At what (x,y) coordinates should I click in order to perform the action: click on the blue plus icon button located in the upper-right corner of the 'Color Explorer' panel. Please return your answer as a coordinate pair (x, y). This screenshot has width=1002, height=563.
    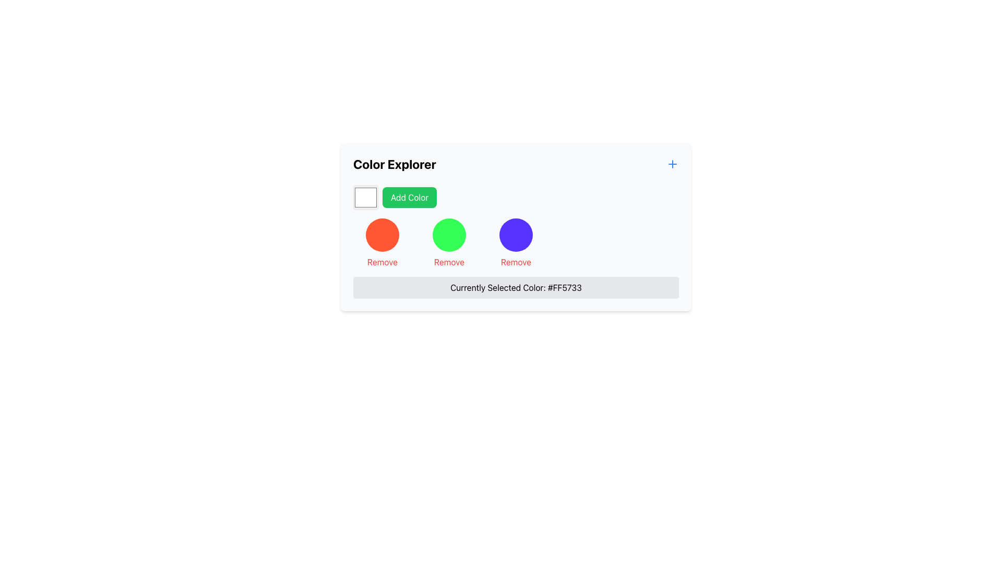
    Looking at the image, I should click on (673, 164).